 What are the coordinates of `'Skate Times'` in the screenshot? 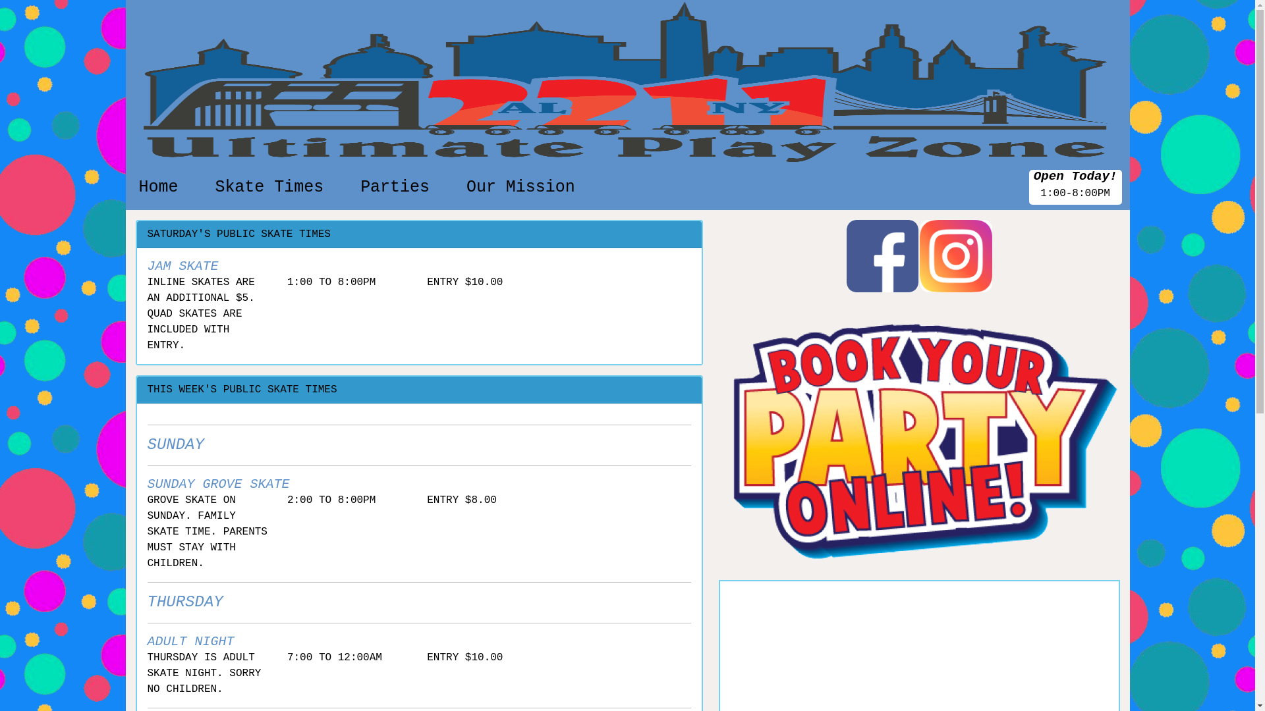 It's located at (268, 187).